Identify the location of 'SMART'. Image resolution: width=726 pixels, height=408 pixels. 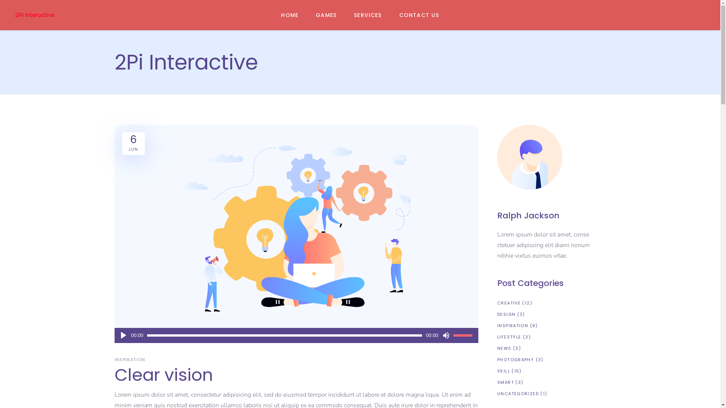
(497, 382).